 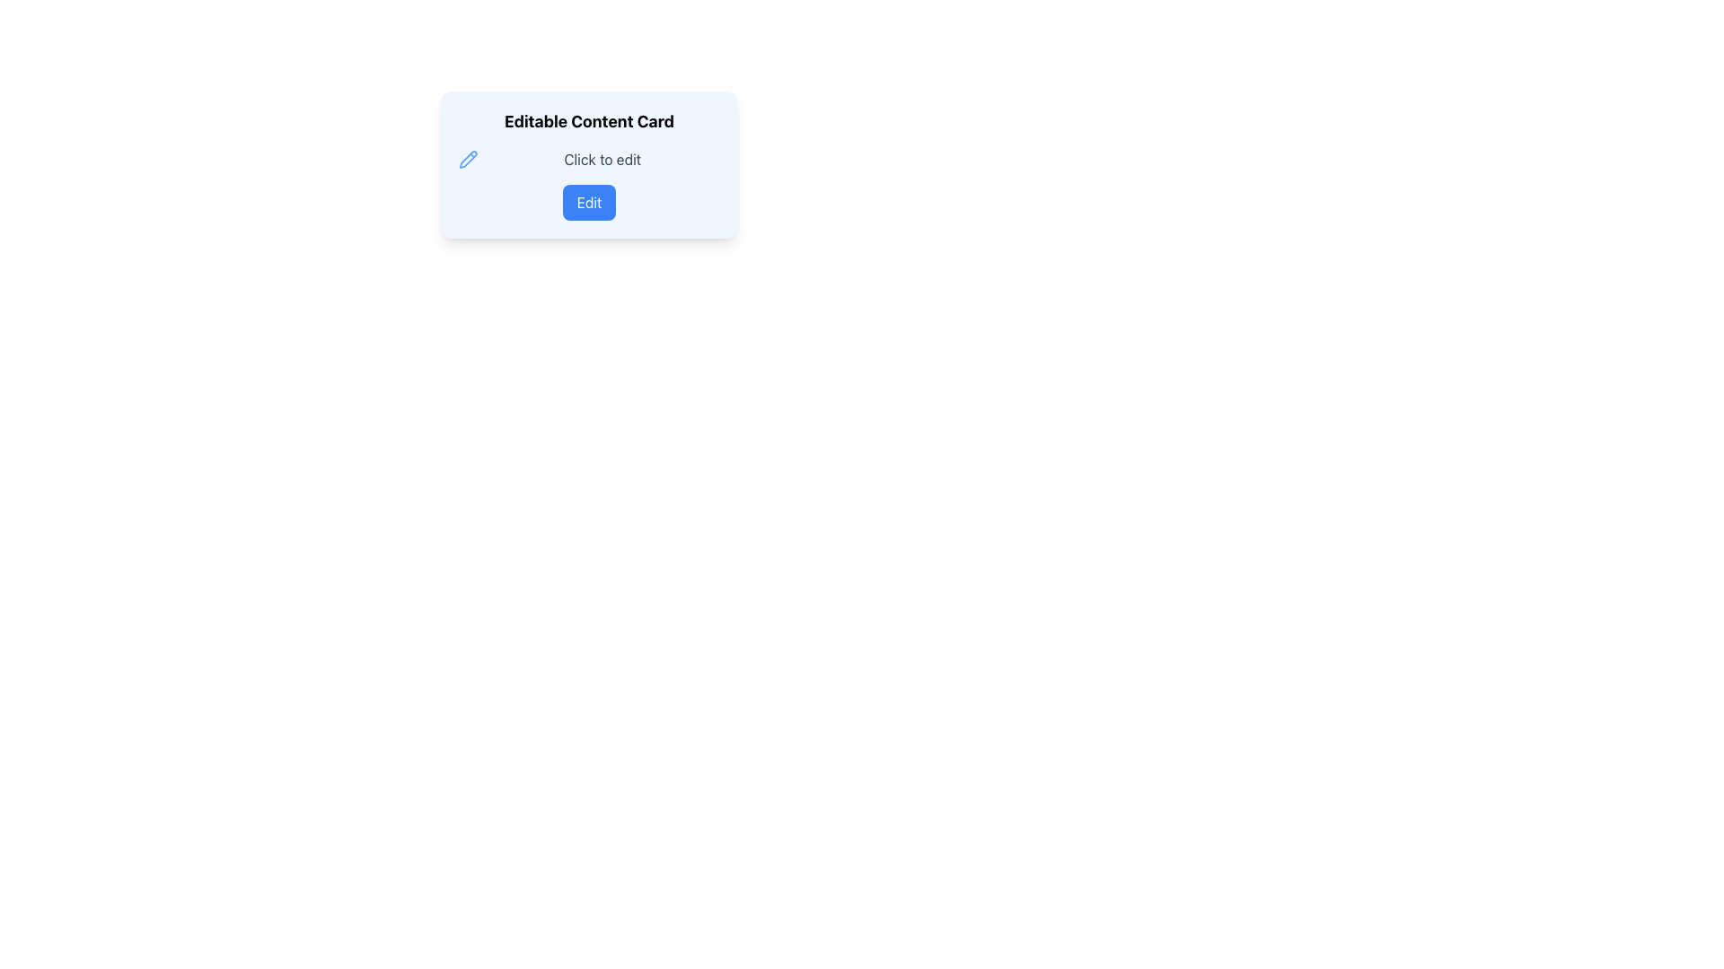 What do you see at coordinates (589, 202) in the screenshot?
I see `the editing button located at the bottom of the 'Editable Content Card' to trigger visual feedback` at bounding box center [589, 202].